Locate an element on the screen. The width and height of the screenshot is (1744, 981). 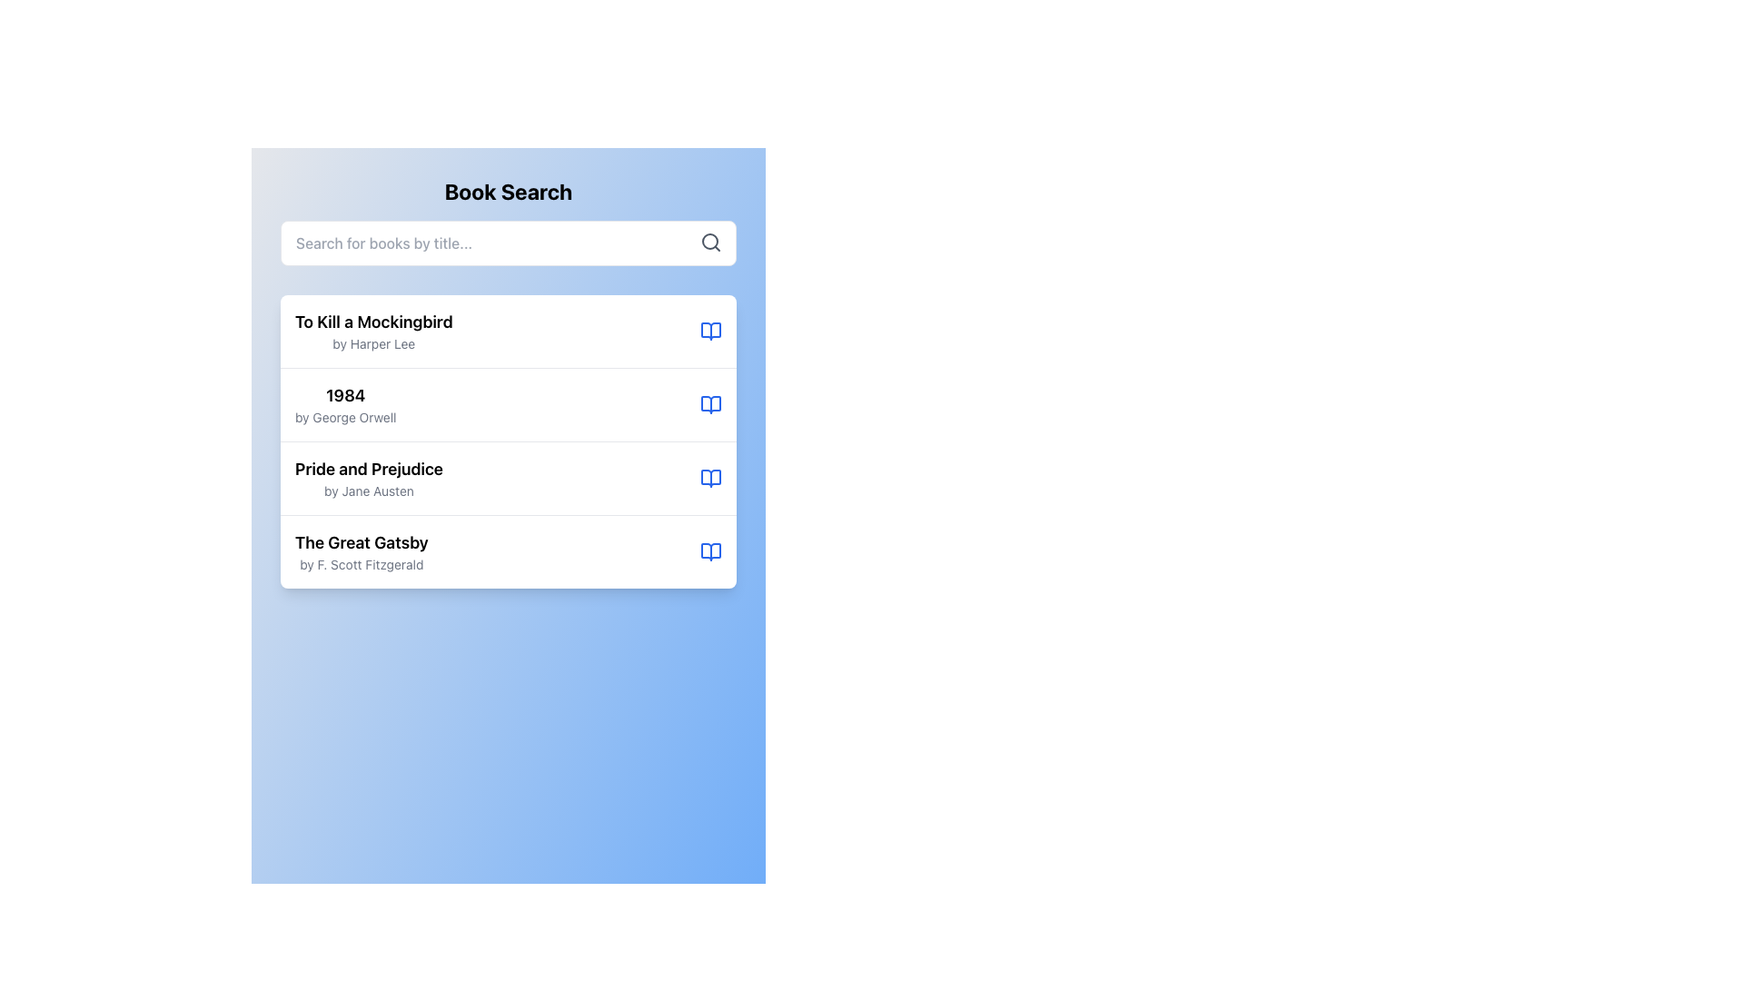
the text label 'by Harper Lee' which is styled in a smaller font size and subtle gray color, located below the title 'To Kill a Mockingbird' is located at coordinates (372, 343).